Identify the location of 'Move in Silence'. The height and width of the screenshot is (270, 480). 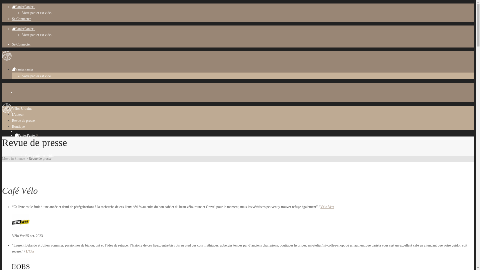
(13, 158).